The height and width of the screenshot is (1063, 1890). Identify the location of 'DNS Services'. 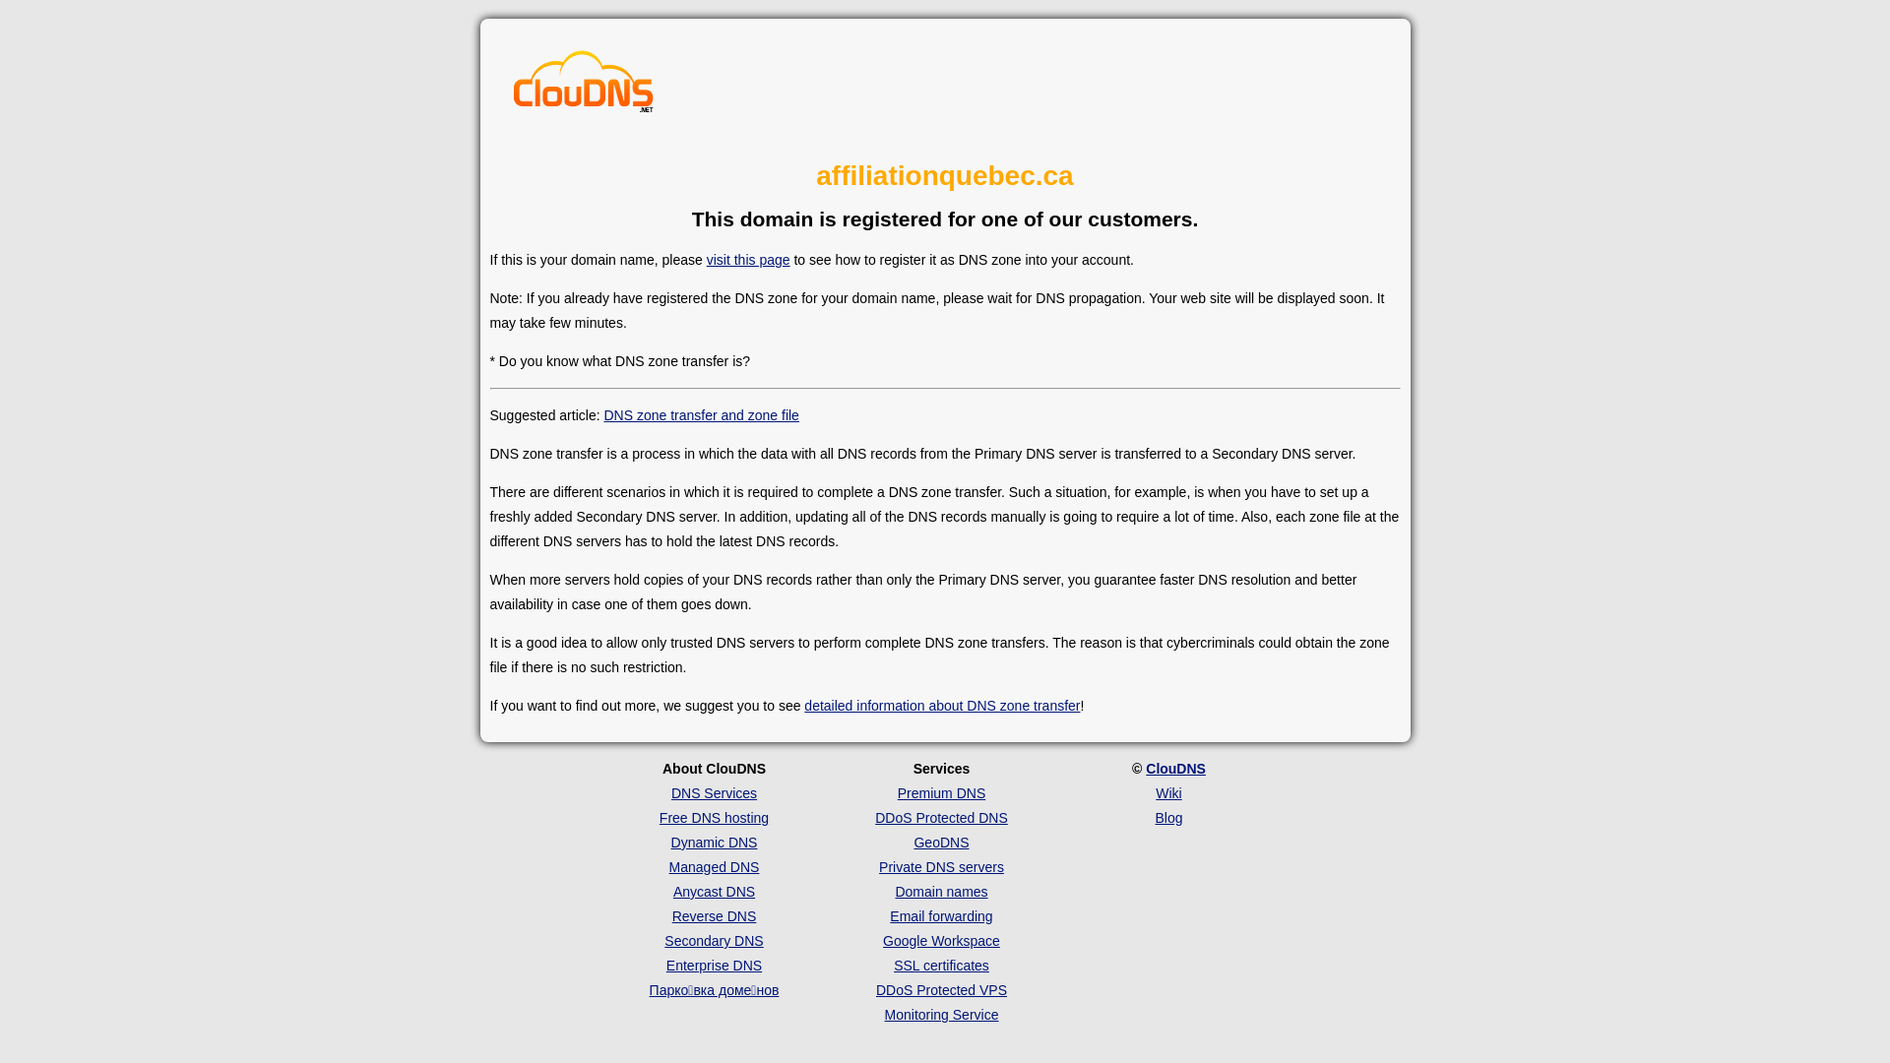
(713, 792).